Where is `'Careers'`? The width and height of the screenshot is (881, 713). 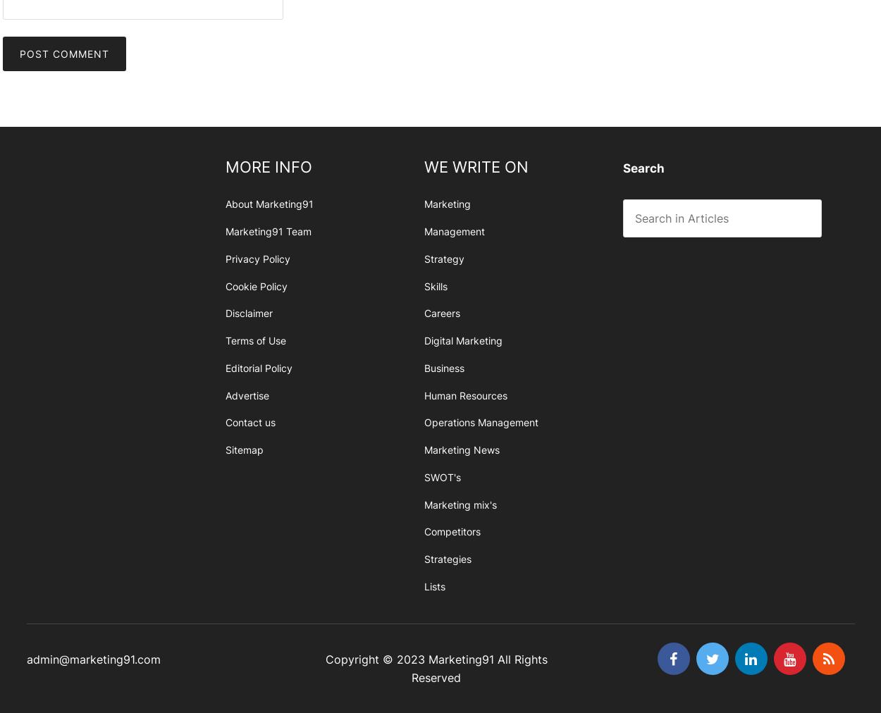
'Careers' is located at coordinates (441, 313).